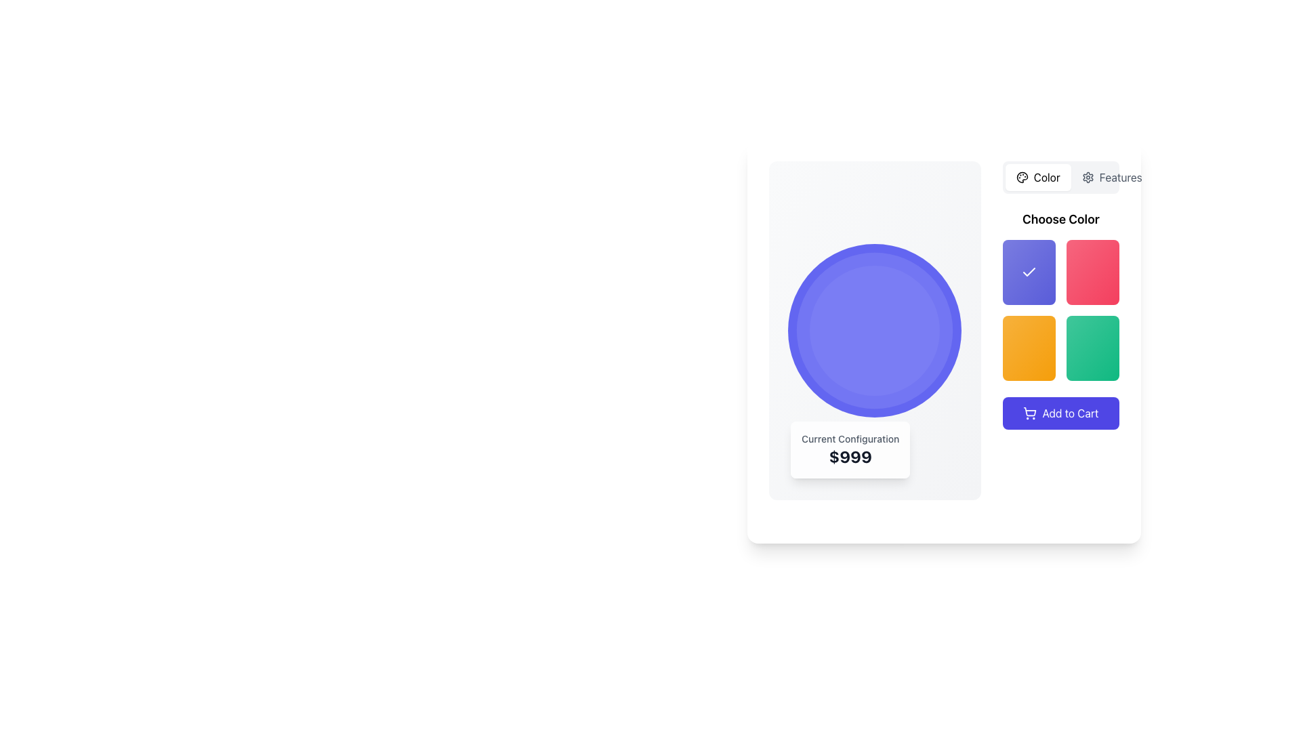  What do you see at coordinates (850, 439) in the screenshot?
I see `the text label that displays 'Current Configuration', which is a small, muted gray text styled in a medium-weight sans-serif font, located at the top of a white rounded card` at bounding box center [850, 439].